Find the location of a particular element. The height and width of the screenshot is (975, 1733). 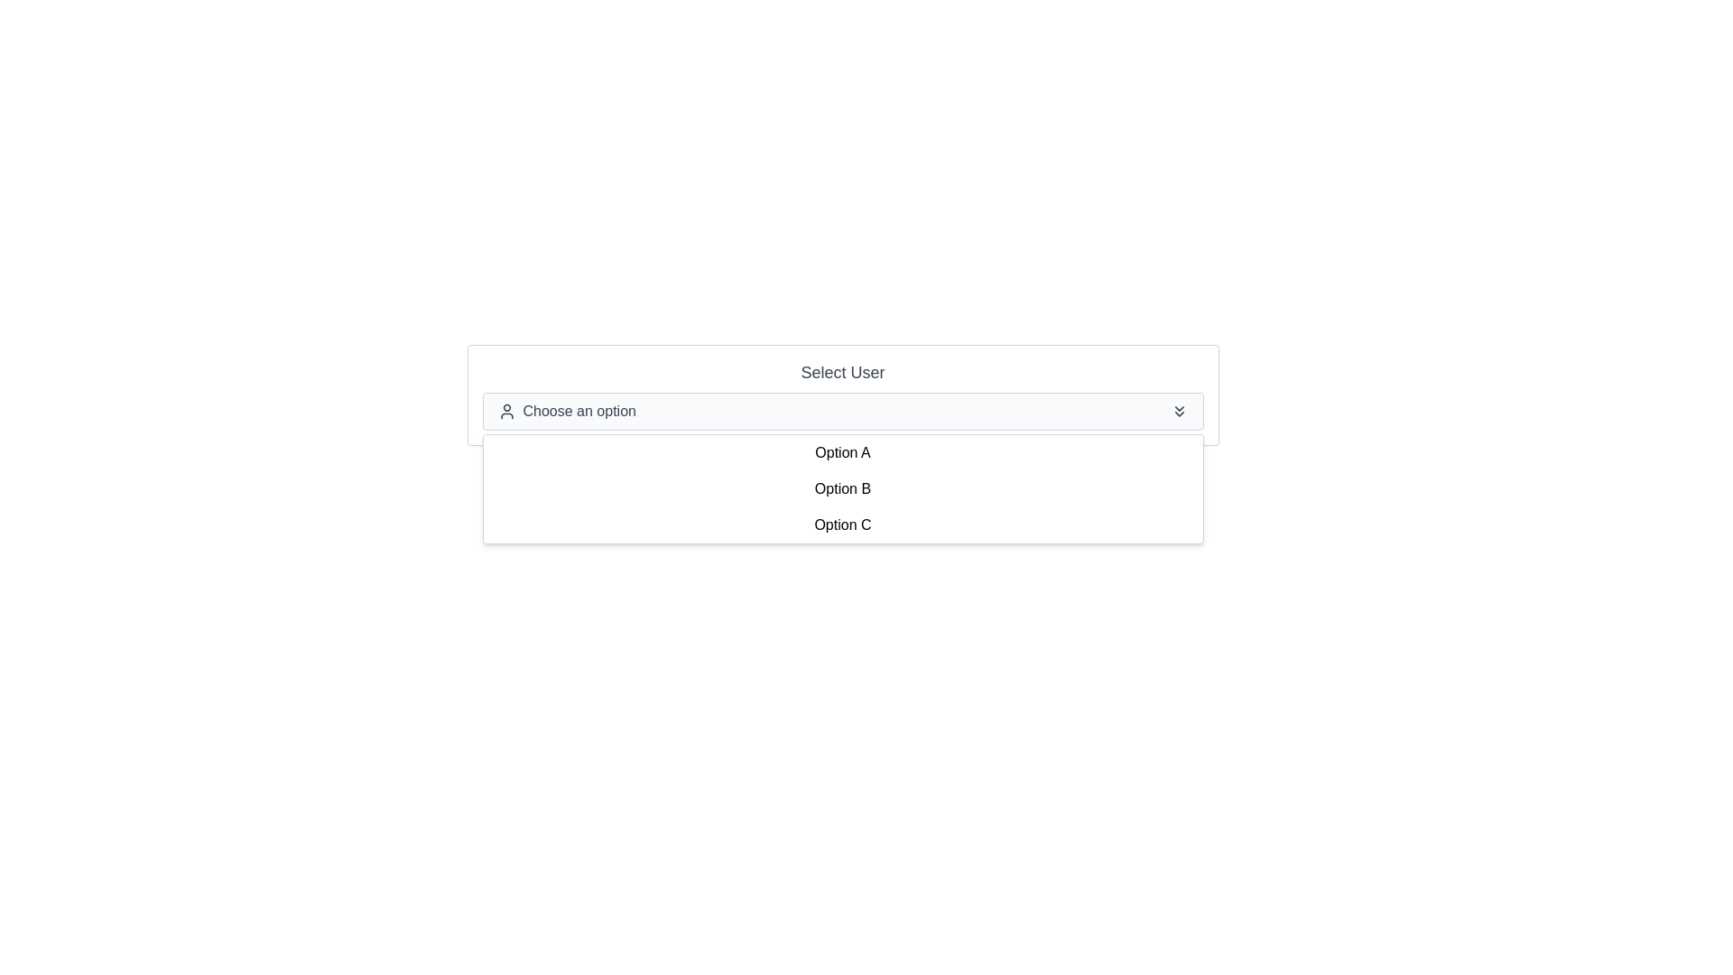

the first option in the dropdown menu labeled 'Choose an option' is located at coordinates (842, 451).